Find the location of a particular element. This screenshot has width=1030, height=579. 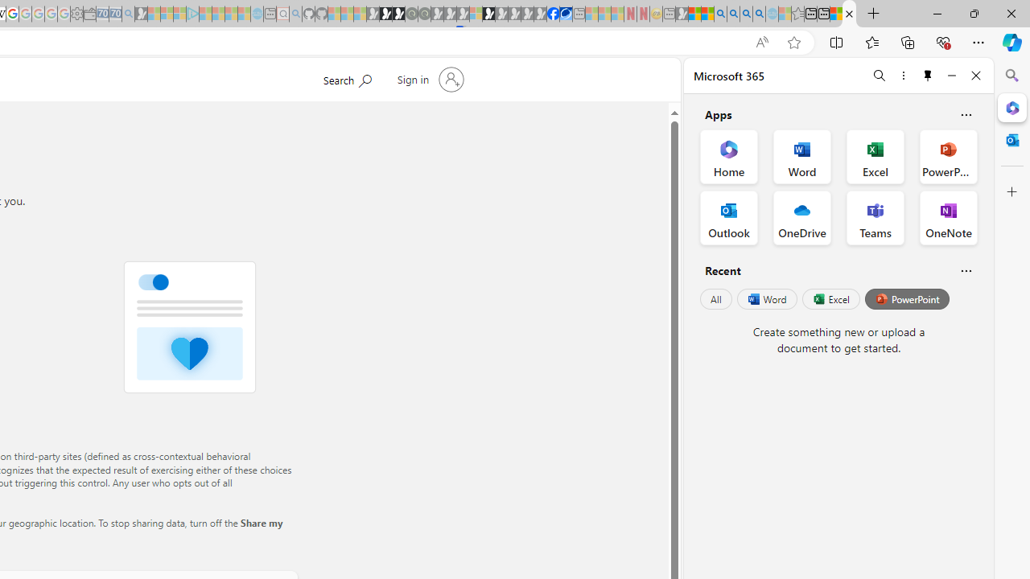

'Excel' is located at coordinates (830, 299).